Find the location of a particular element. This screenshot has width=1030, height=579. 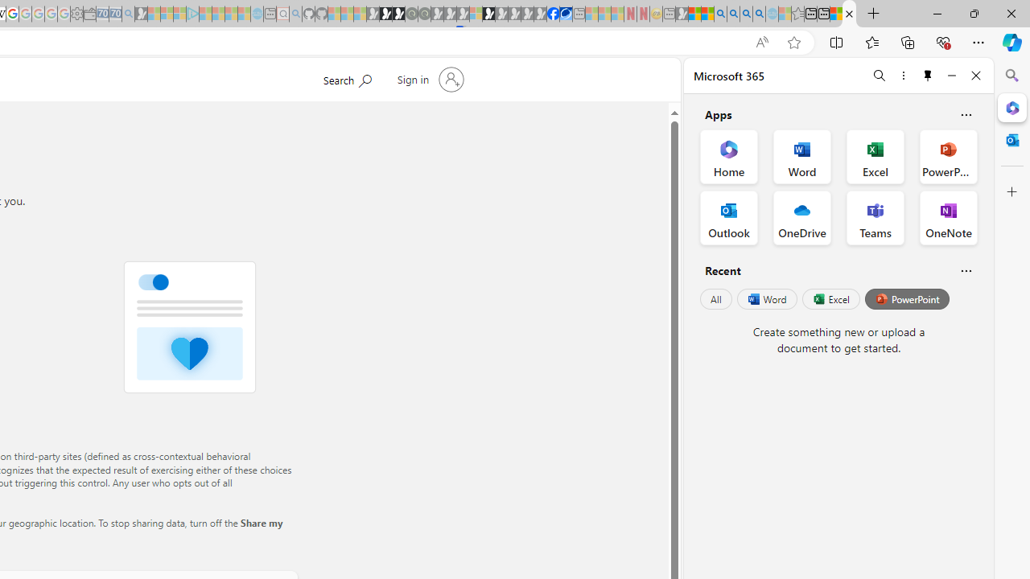

'Excel' is located at coordinates (830, 299).